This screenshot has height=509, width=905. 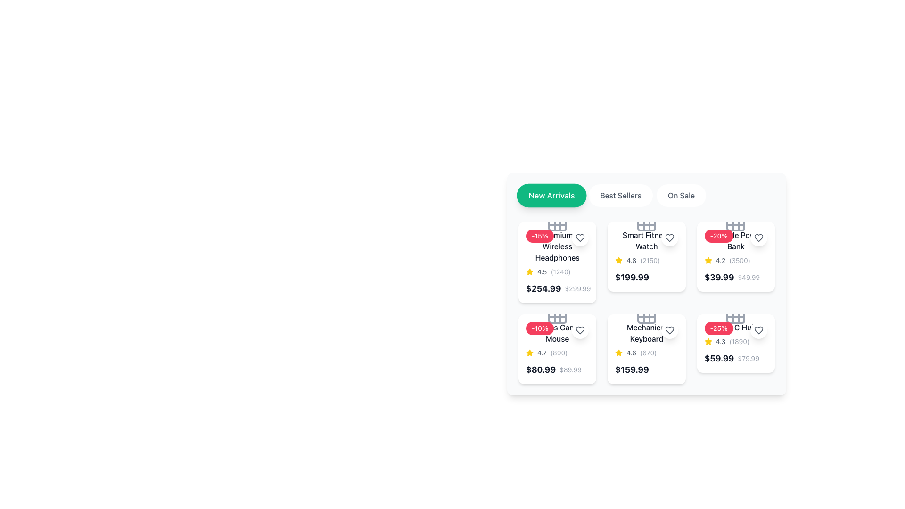 What do you see at coordinates (731, 358) in the screenshot?
I see `price information displayed at the bottom-right corner of the product card for 'HC Hu', located below the product title and near the star rating` at bounding box center [731, 358].